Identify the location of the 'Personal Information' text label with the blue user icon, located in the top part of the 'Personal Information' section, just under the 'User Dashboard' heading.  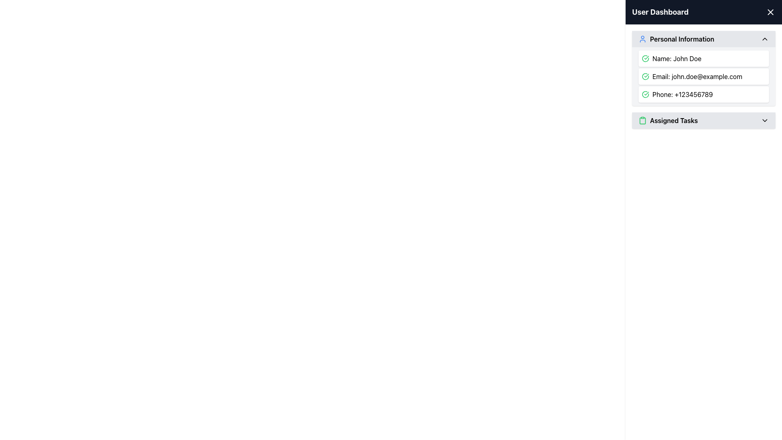
(676, 39).